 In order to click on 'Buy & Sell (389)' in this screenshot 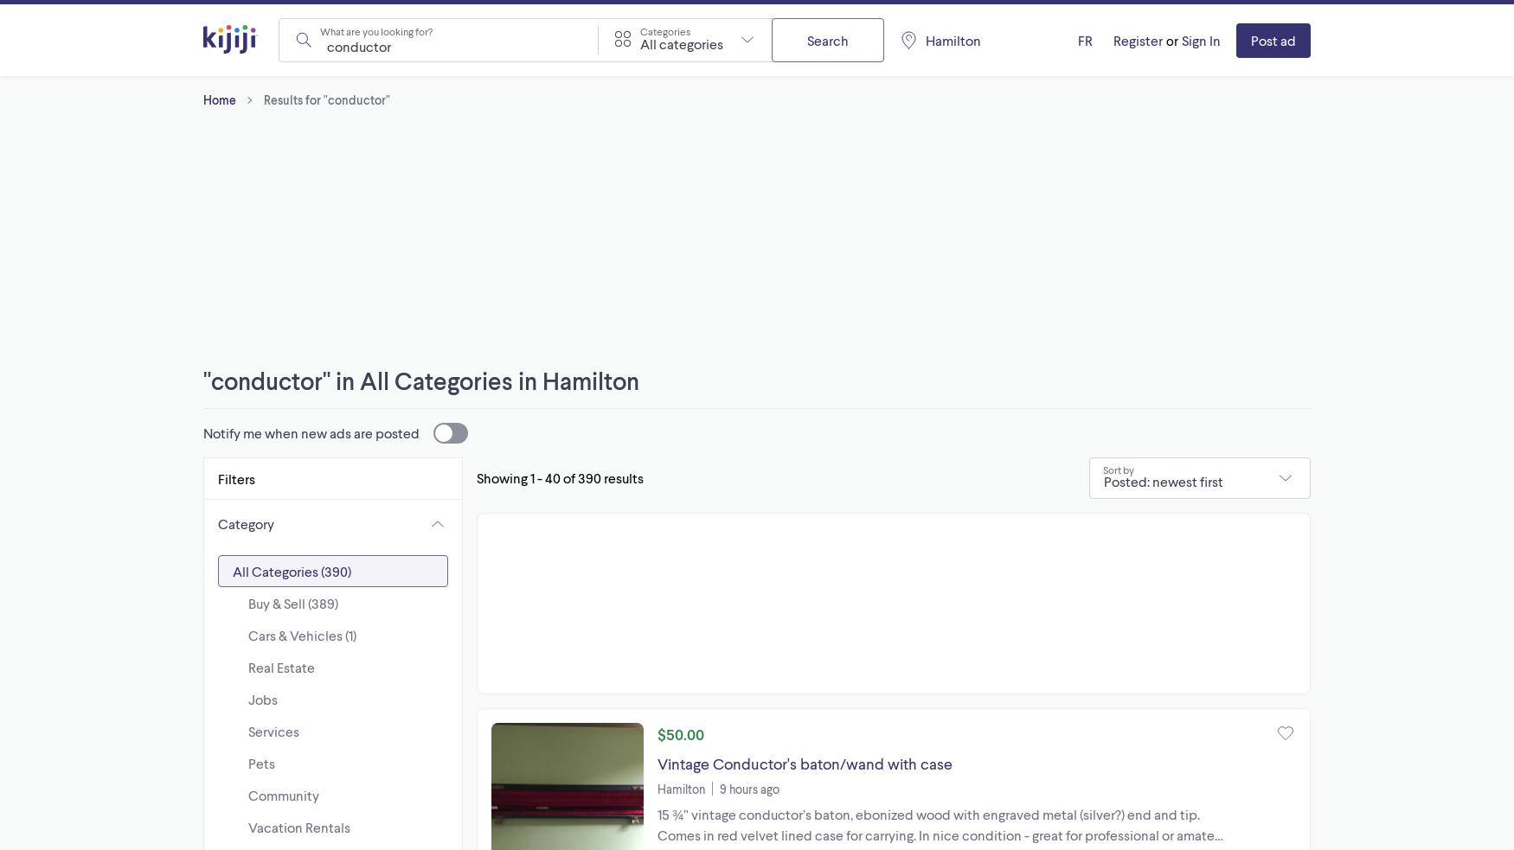, I will do `click(292, 602)`.